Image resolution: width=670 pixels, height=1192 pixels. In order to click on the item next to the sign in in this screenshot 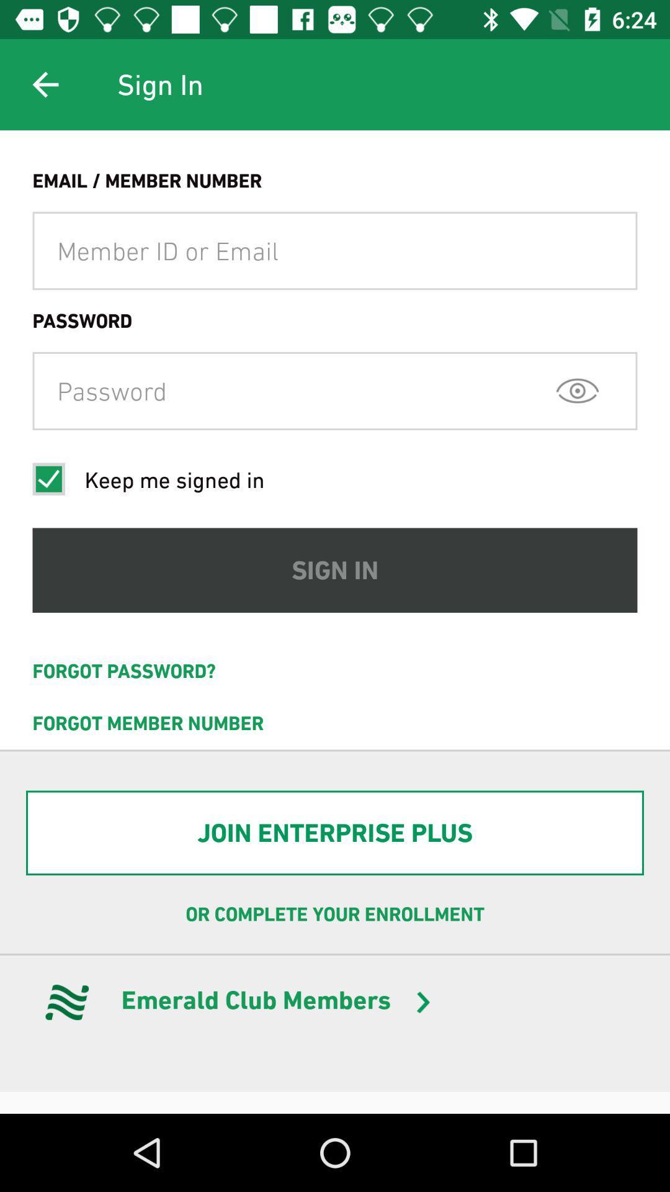, I will do `click(45, 84)`.